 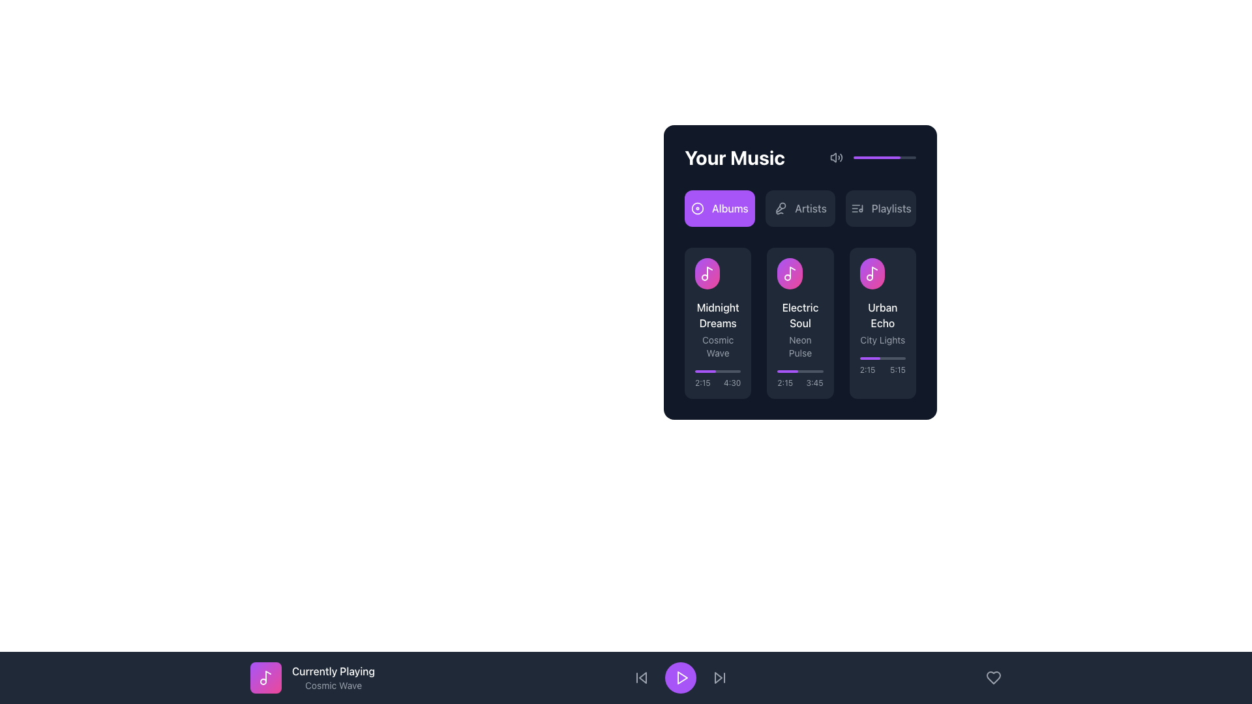 I want to click on text label displaying 'Urban Echo' which is styled in white on a dark background, located on the rightmost music card under the 'Albums' section, so click(x=882, y=315).